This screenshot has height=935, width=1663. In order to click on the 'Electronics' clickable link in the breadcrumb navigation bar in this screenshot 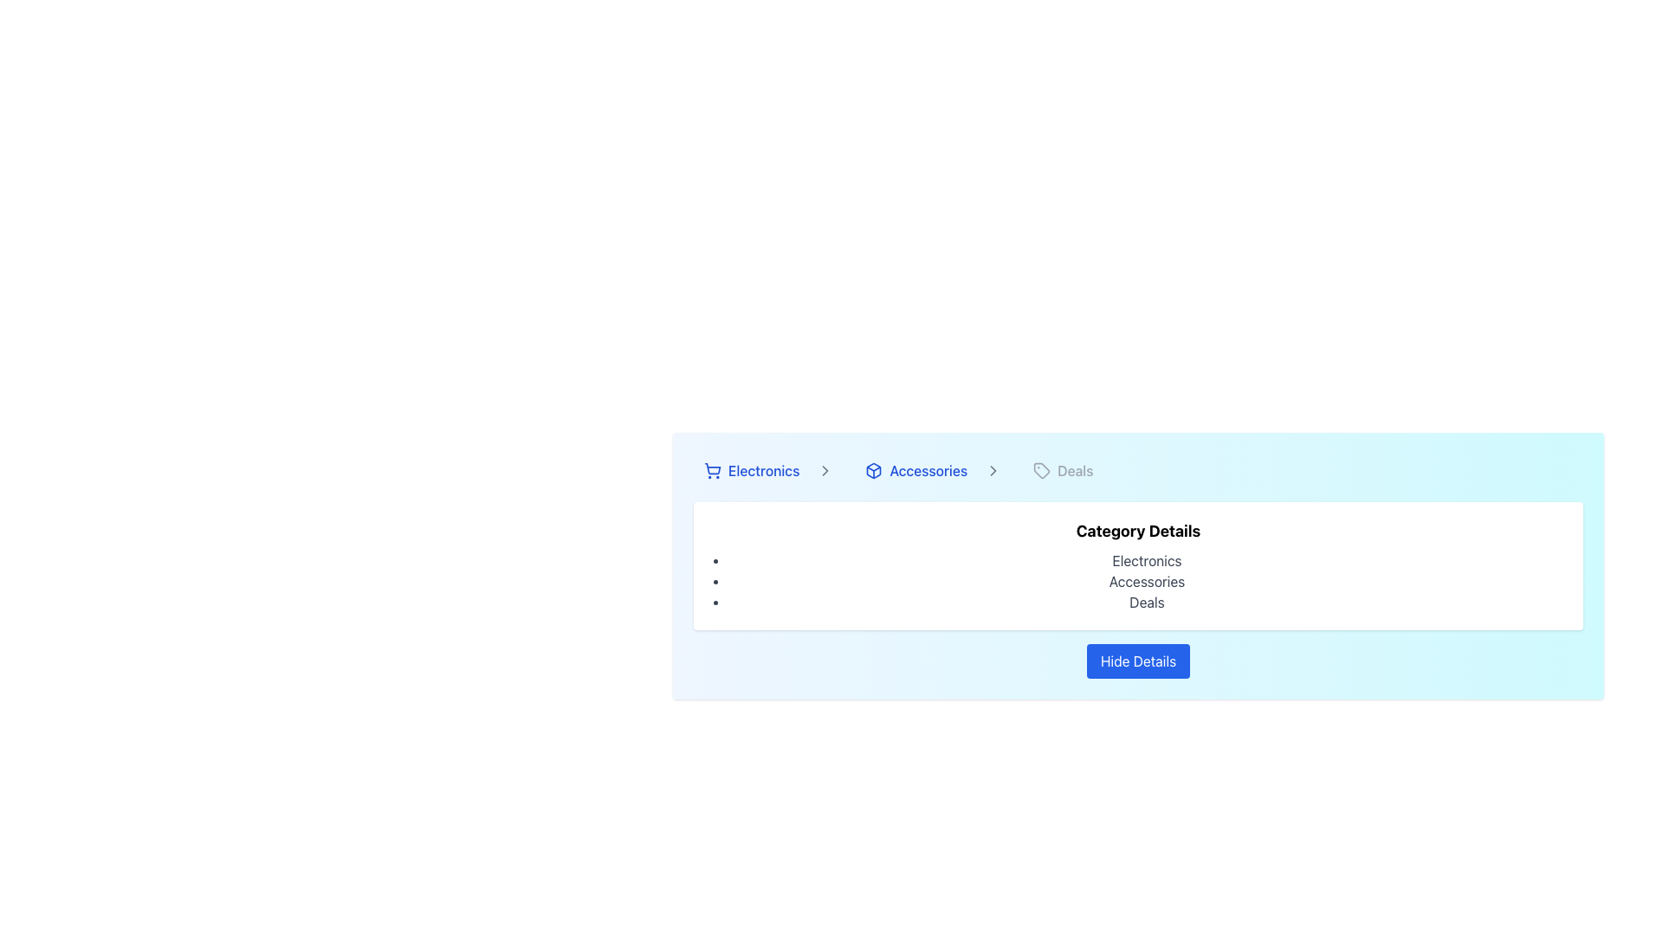, I will do `click(767, 470)`.